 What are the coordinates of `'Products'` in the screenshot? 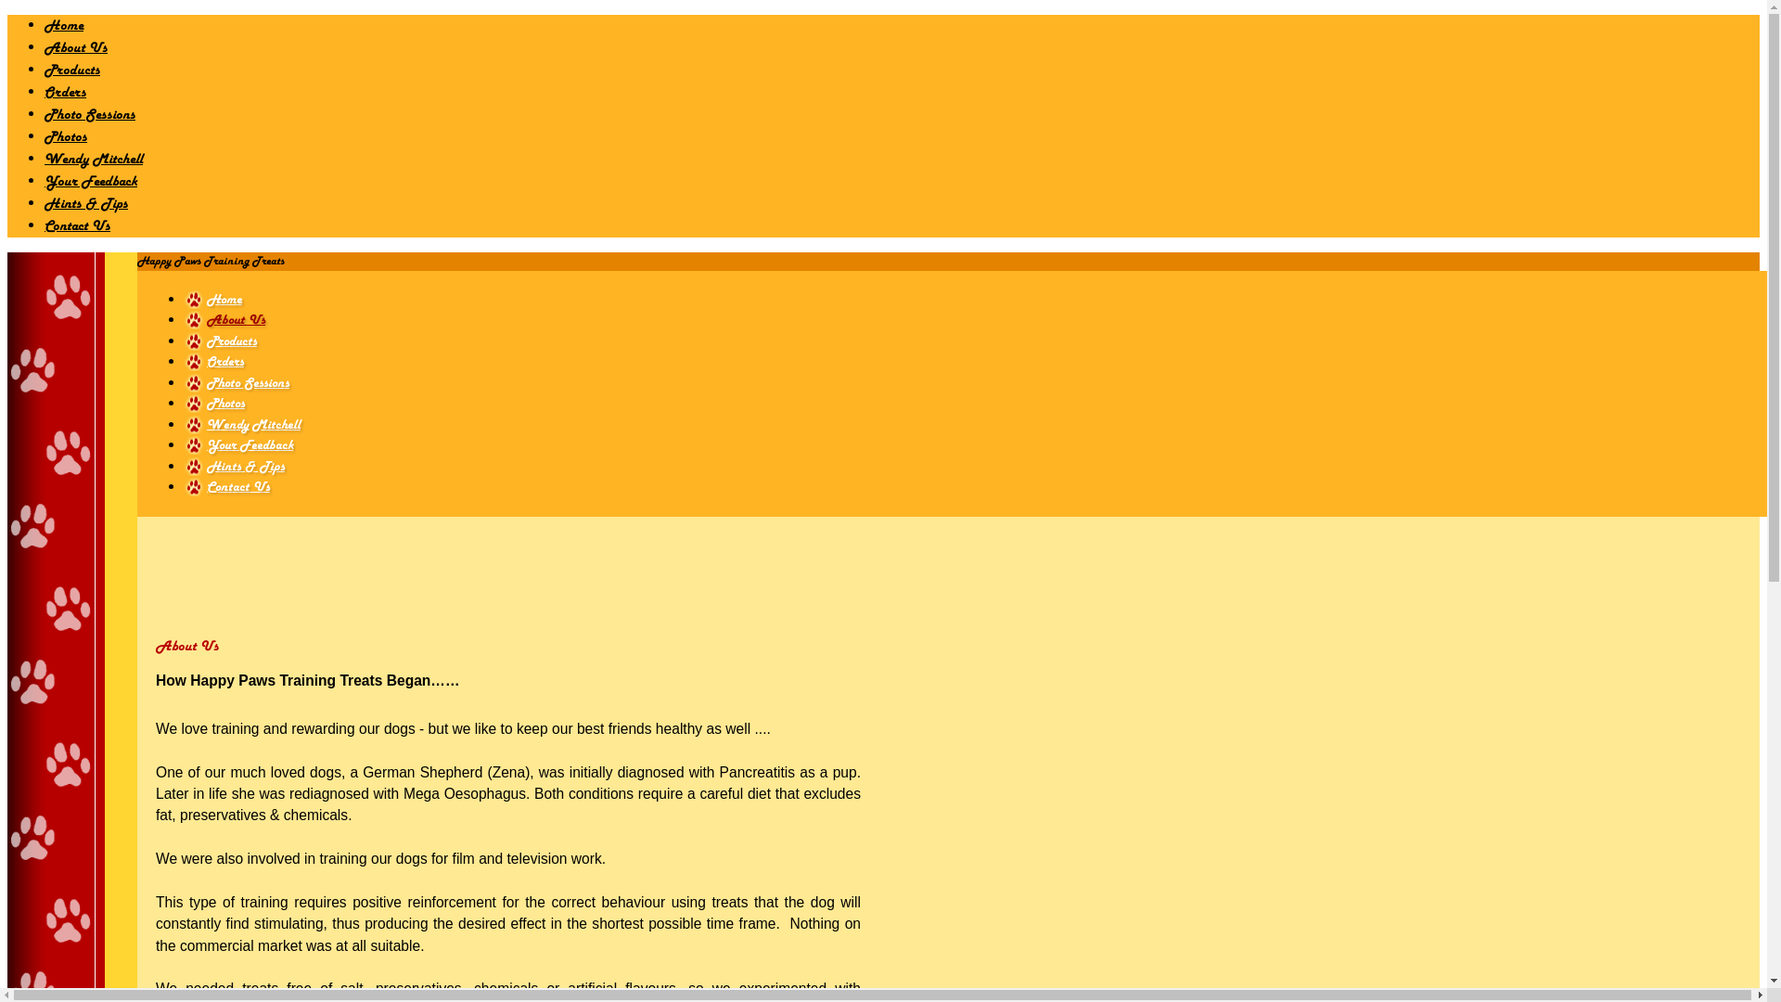 It's located at (71, 69).